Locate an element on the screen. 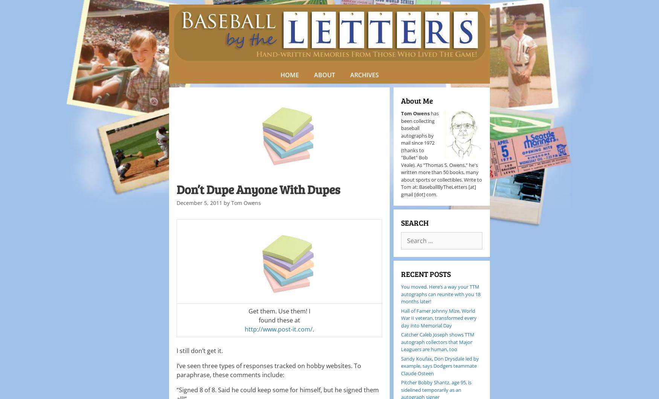 Image resolution: width=659 pixels, height=399 pixels. 'http://www.post-it.com/' is located at coordinates (279, 329).